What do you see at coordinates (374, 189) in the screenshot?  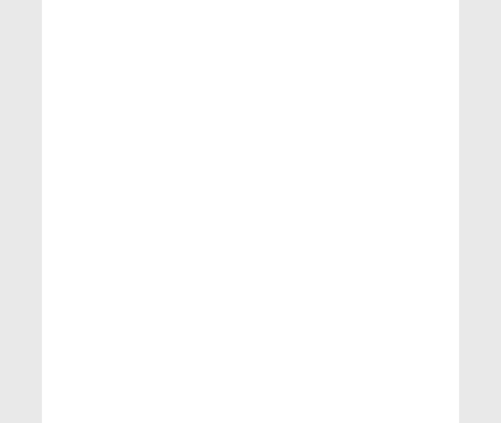 I see `'Post Office'` at bounding box center [374, 189].